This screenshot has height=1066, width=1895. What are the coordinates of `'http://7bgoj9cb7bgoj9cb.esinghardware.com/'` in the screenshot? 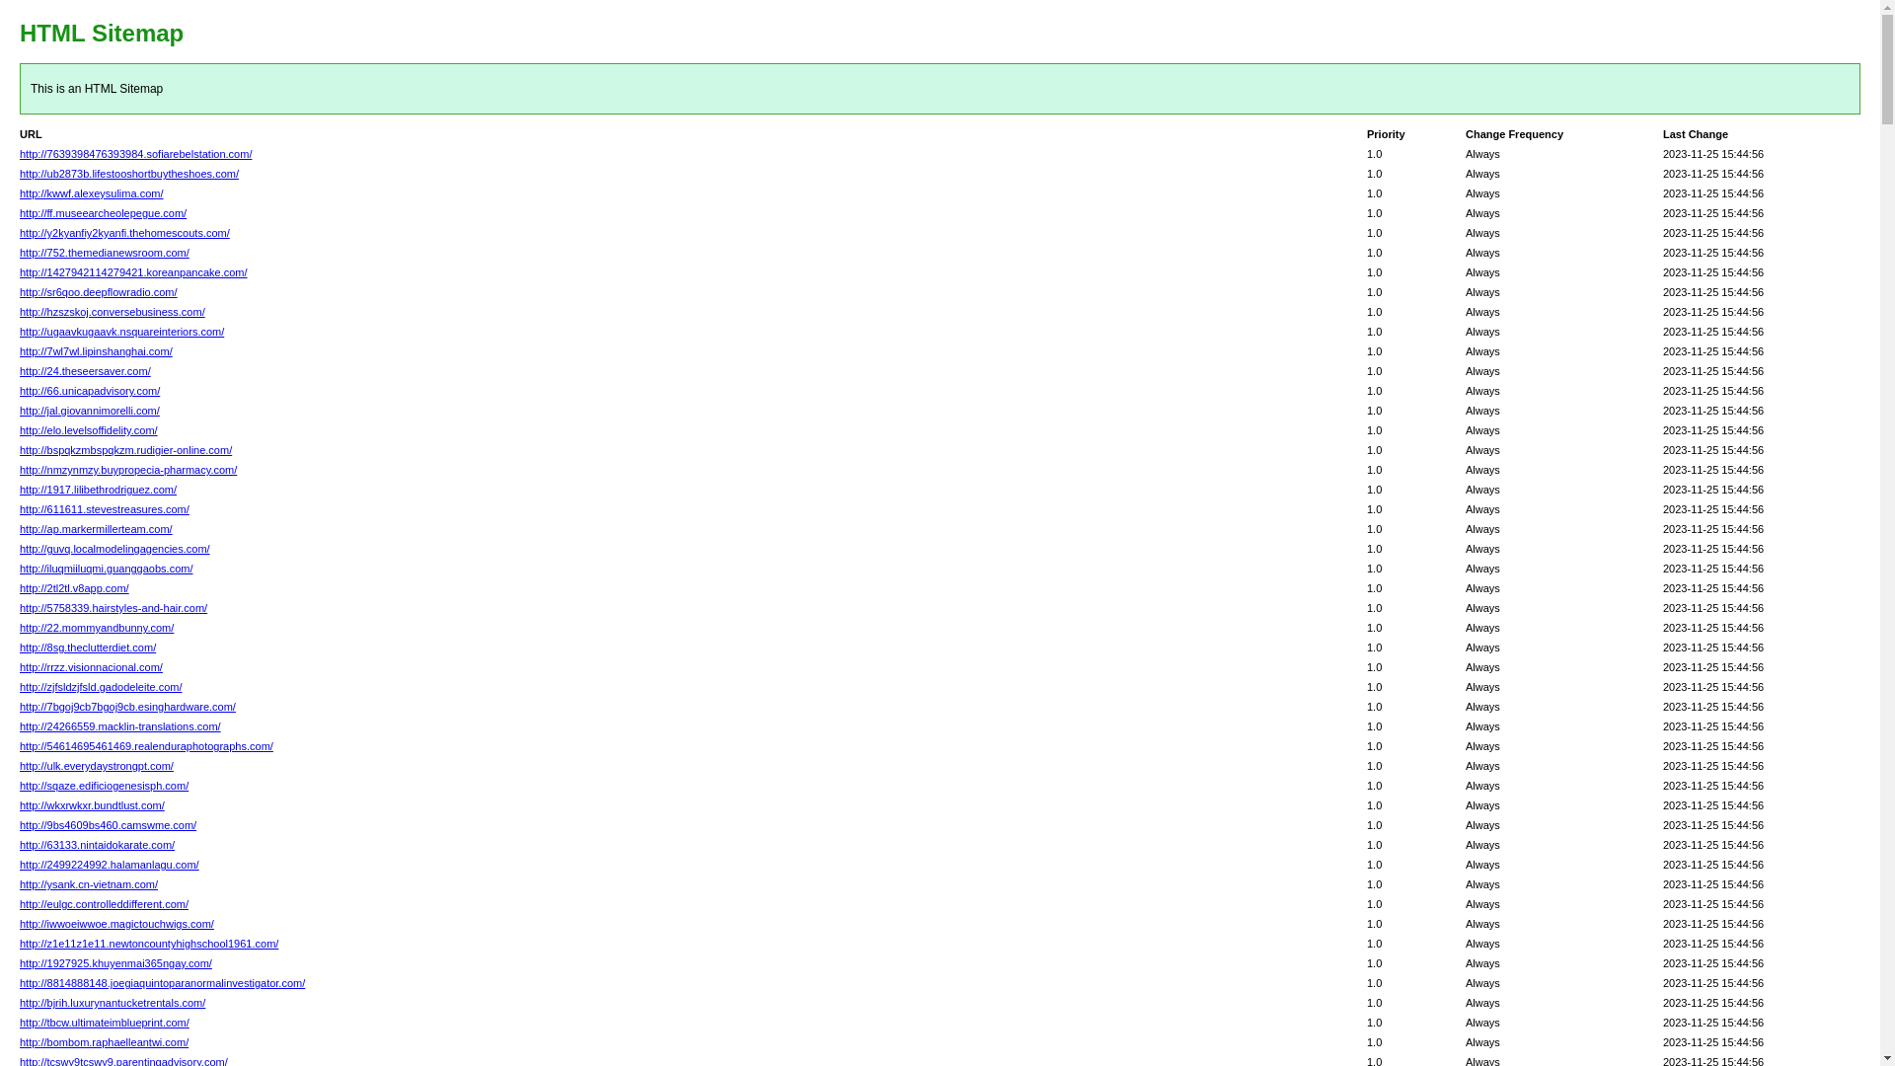 It's located at (126, 706).